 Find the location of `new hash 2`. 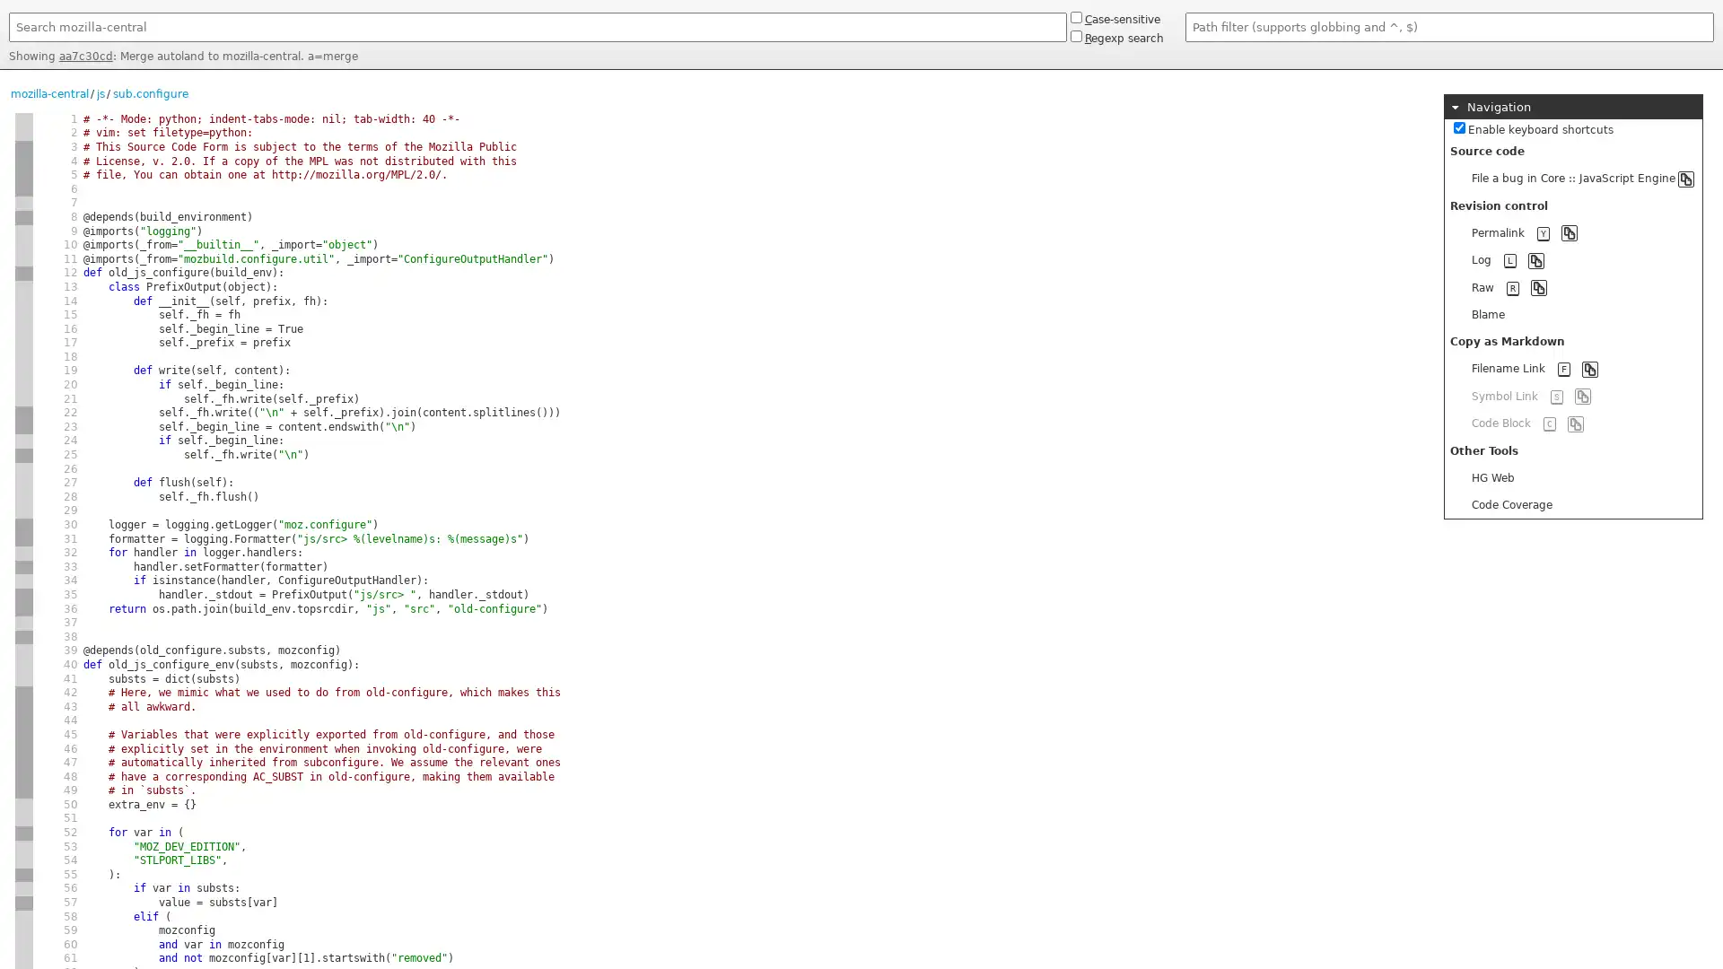

new hash 2 is located at coordinates (24, 903).